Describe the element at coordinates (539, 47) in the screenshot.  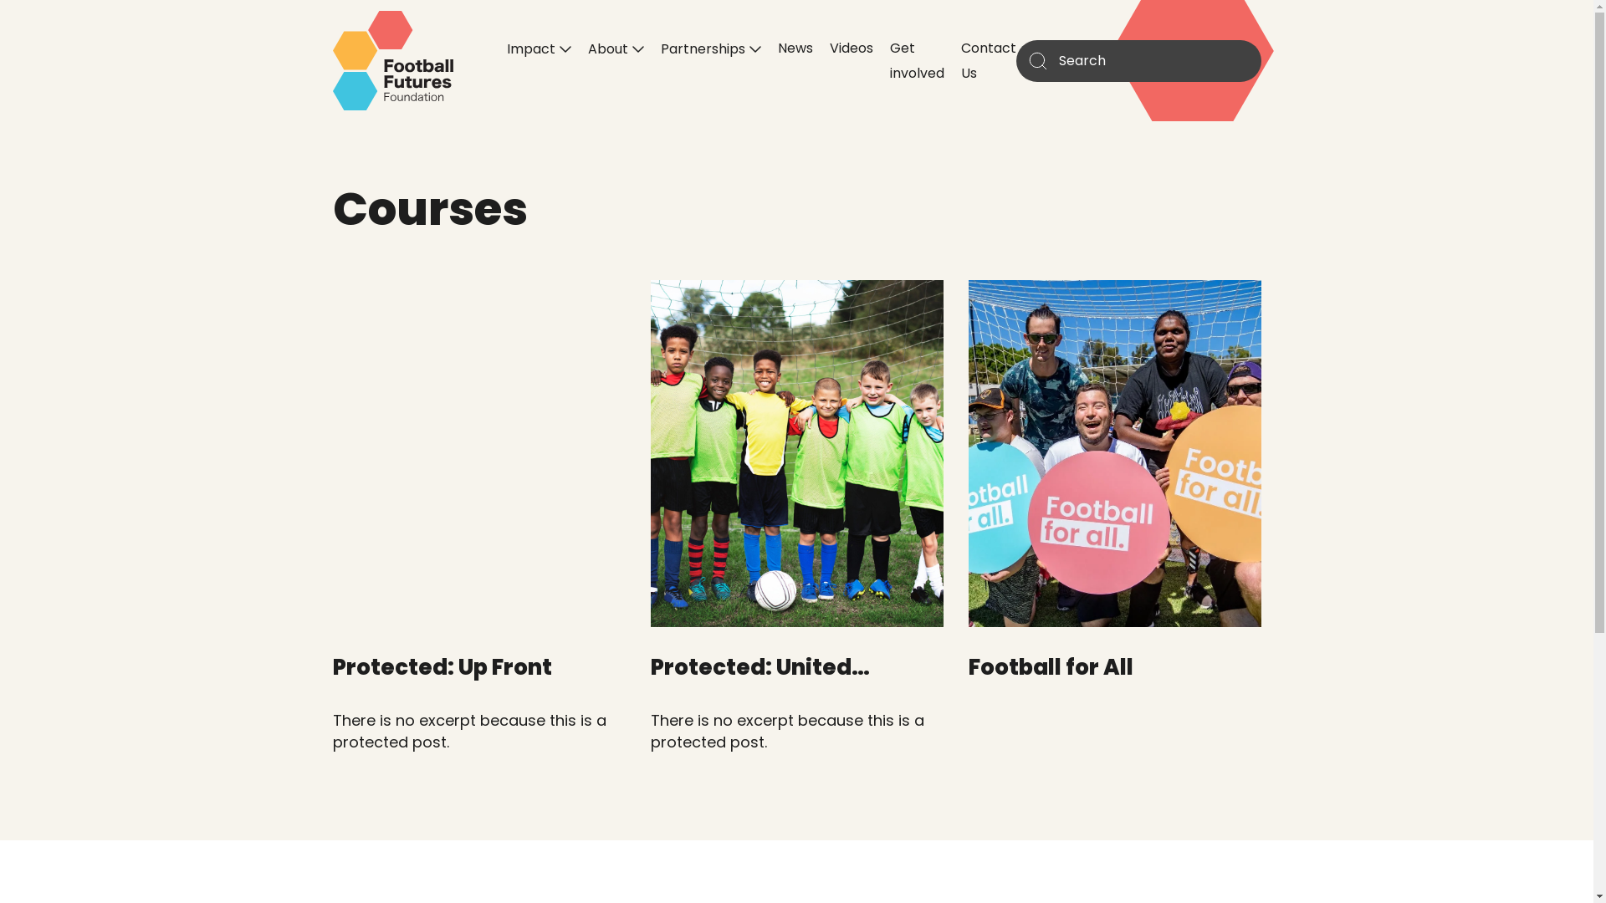
I see `'Impact'` at that location.